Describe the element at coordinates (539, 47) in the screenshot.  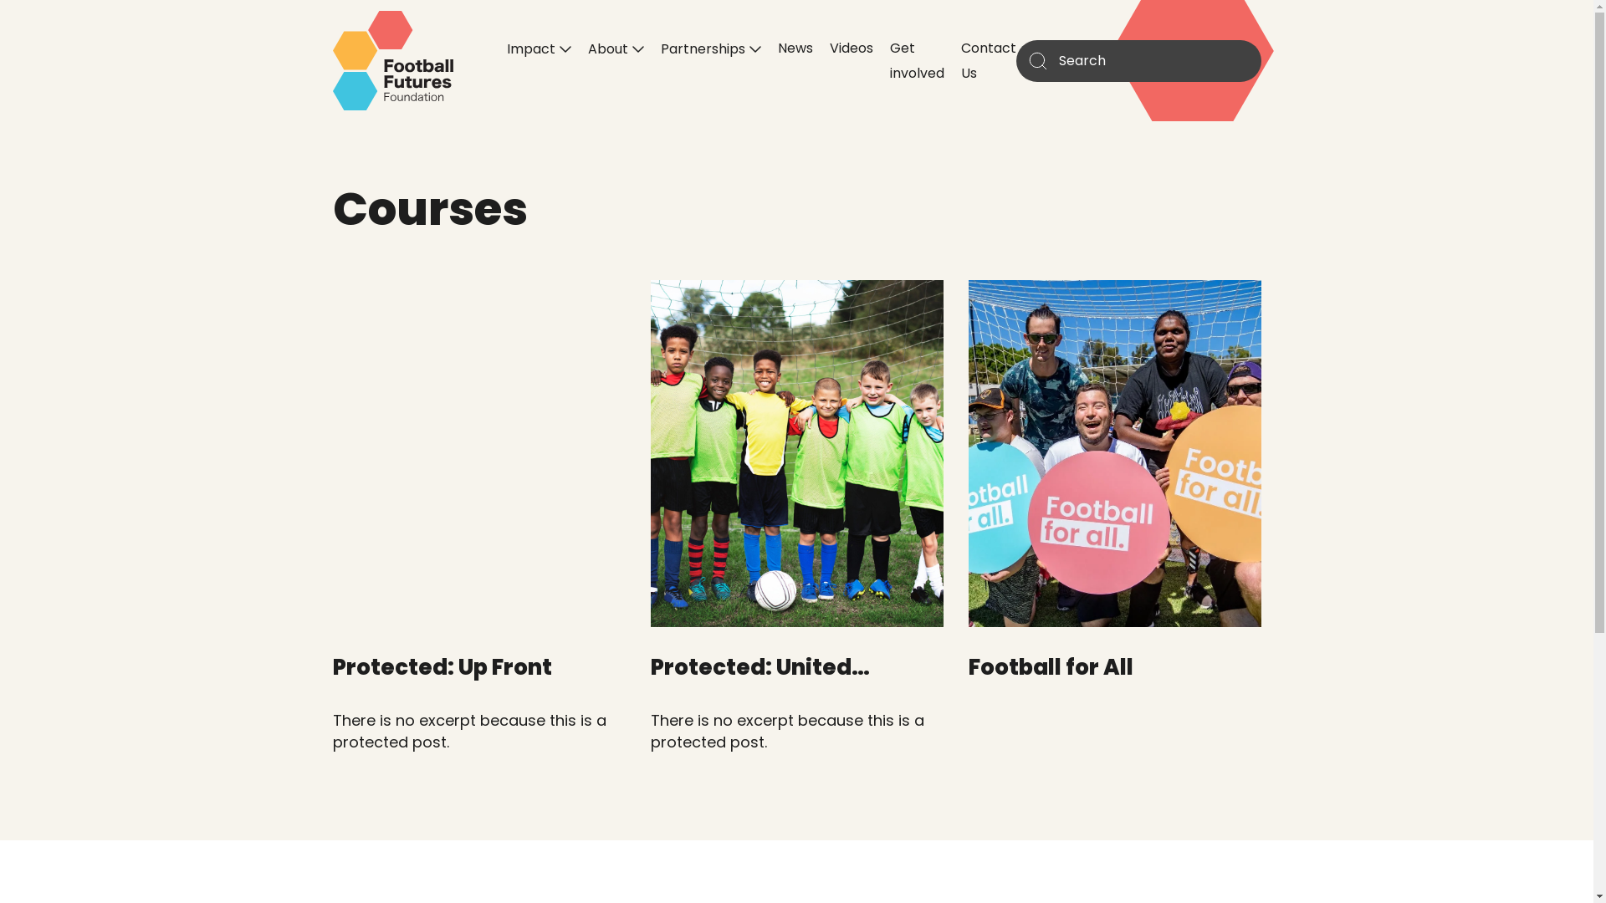
I see `'Impact'` at that location.